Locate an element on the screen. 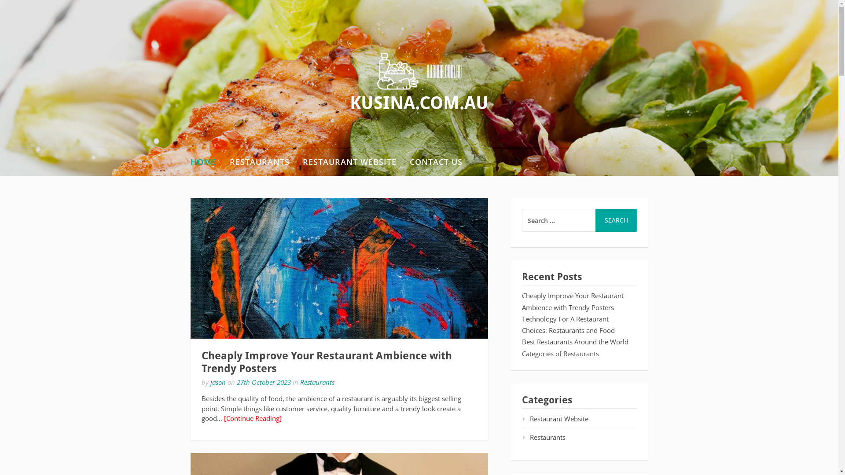  'Search' is located at coordinates (595, 220).